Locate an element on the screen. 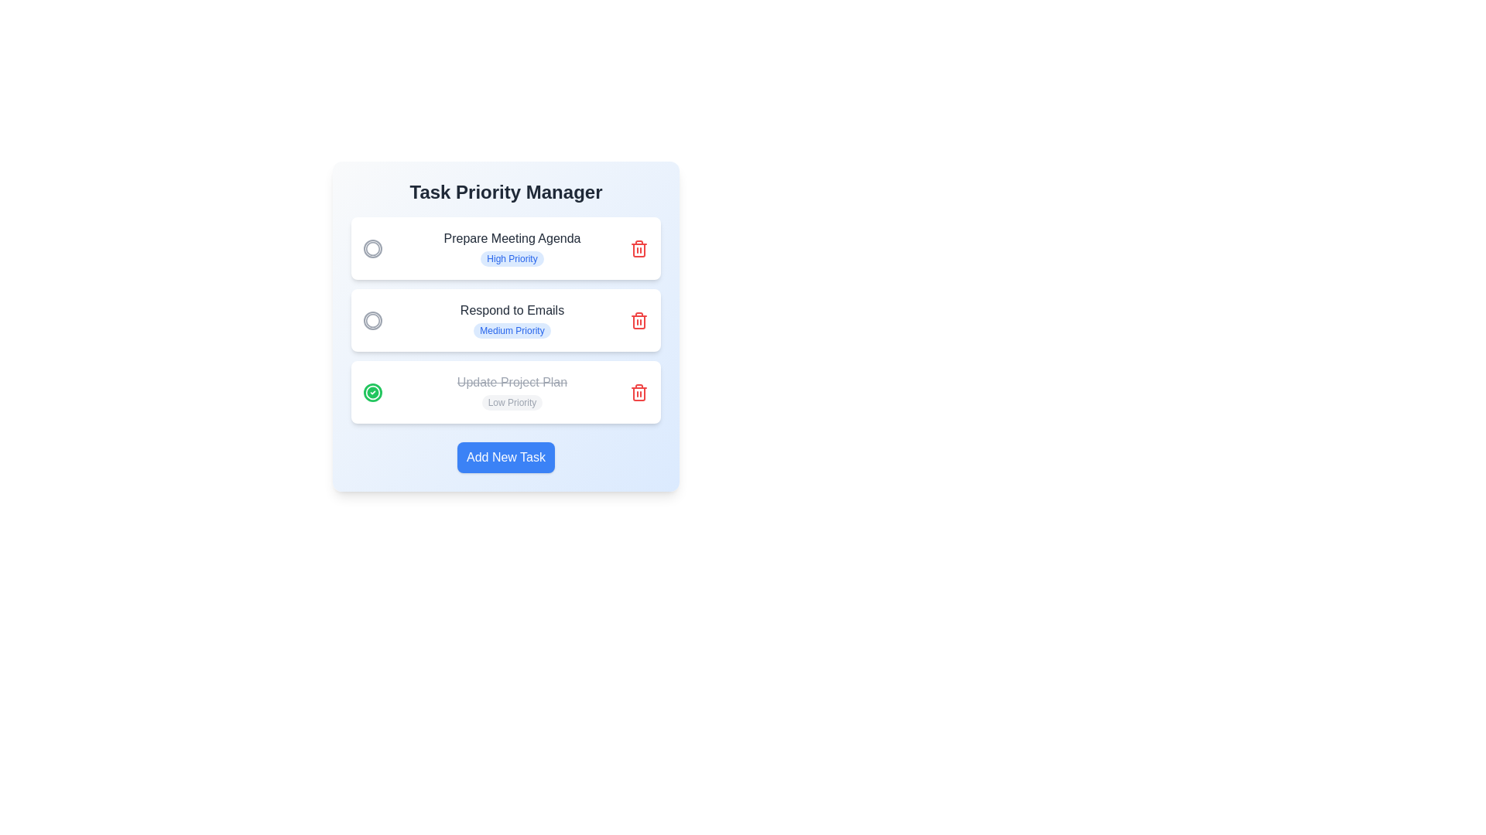 Image resolution: width=1486 pixels, height=835 pixels. the 'High Priority' label, which is a rectangular badge with blue text on a light blue background, located under the 'Prepare Meeting Agenda' task title is located at coordinates (512, 258).